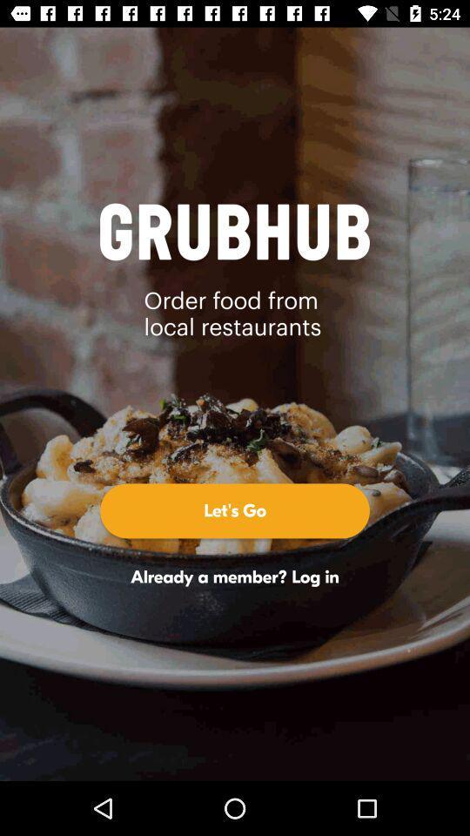 Image resolution: width=470 pixels, height=836 pixels. What do you see at coordinates (235, 576) in the screenshot?
I see `the icon below let's go icon` at bounding box center [235, 576].